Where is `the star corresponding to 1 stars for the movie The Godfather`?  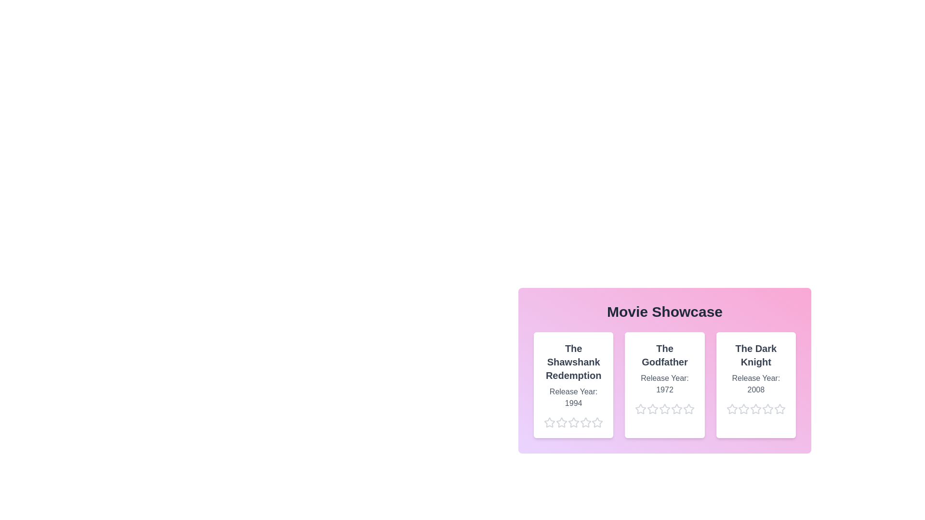
the star corresponding to 1 stars for the movie The Godfather is located at coordinates (635, 409).